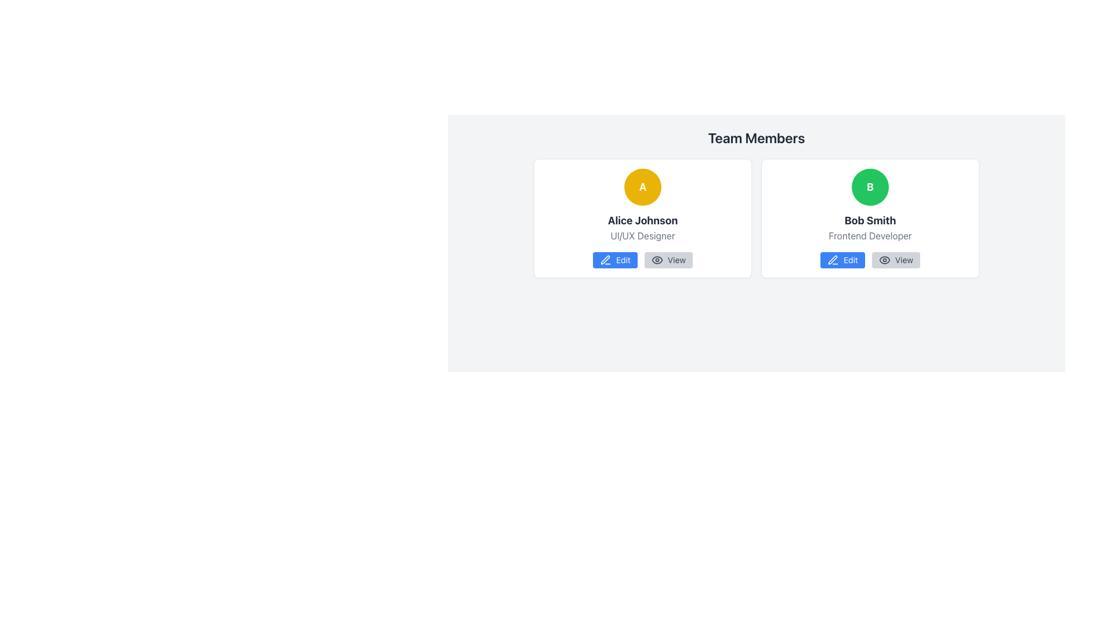 This screenshot has width=1114, height=626. I want to click on the blue 'Edit' button with a pen icon located at the bottom-left corner of the second card associated with 'Bob Smith - Frontend Developer', so click(842, 259).